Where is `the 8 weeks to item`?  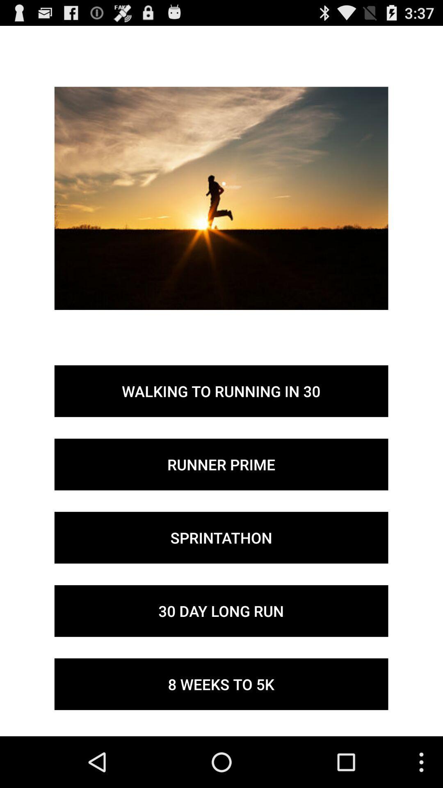
the 8 weeks to item is located at coordinates (221, 684).